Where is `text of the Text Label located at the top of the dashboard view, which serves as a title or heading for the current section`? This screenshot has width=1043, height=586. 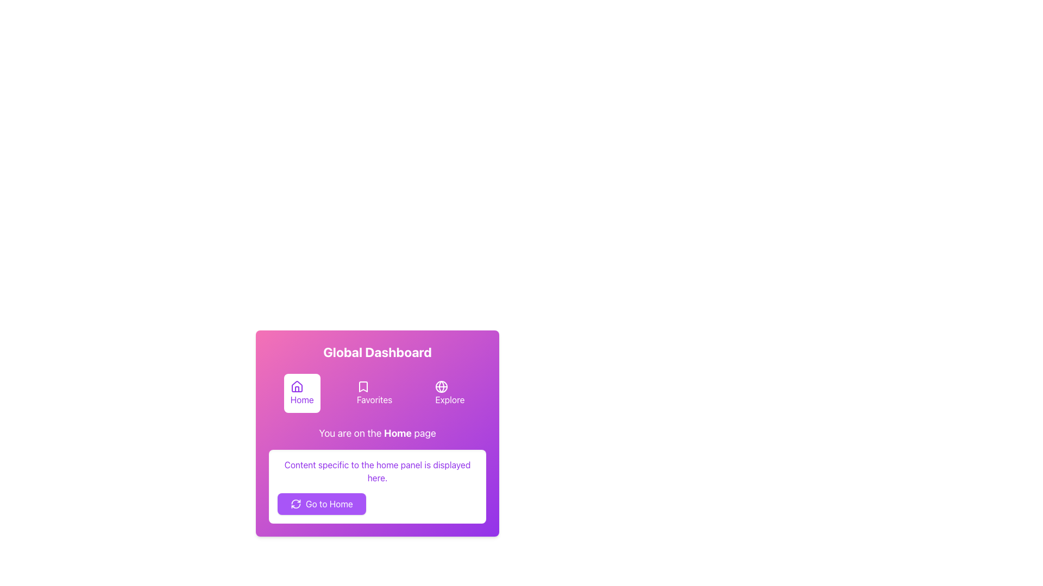
text of the Text Label located at the top of the dashboard view, which serves as a title or heading for the current section is located at coordinates (378, 352).